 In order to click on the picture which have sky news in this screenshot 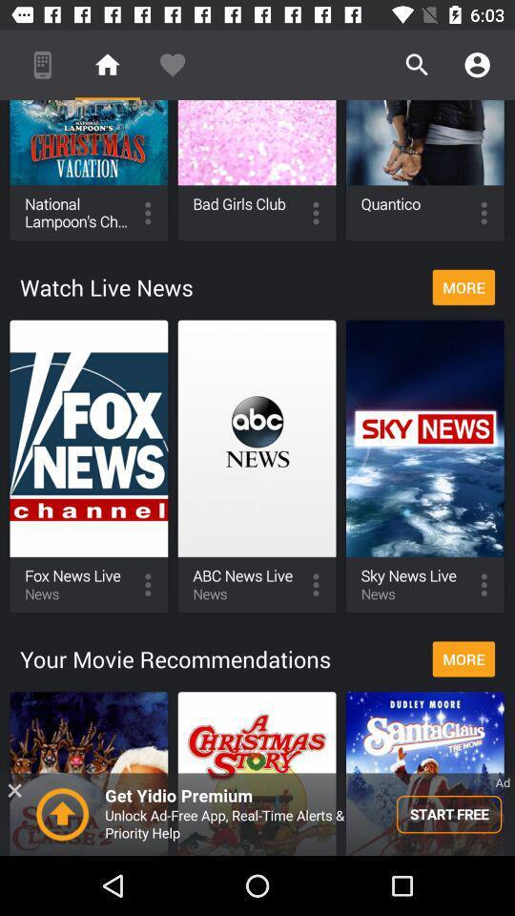, I will do `click(424, 466)`.